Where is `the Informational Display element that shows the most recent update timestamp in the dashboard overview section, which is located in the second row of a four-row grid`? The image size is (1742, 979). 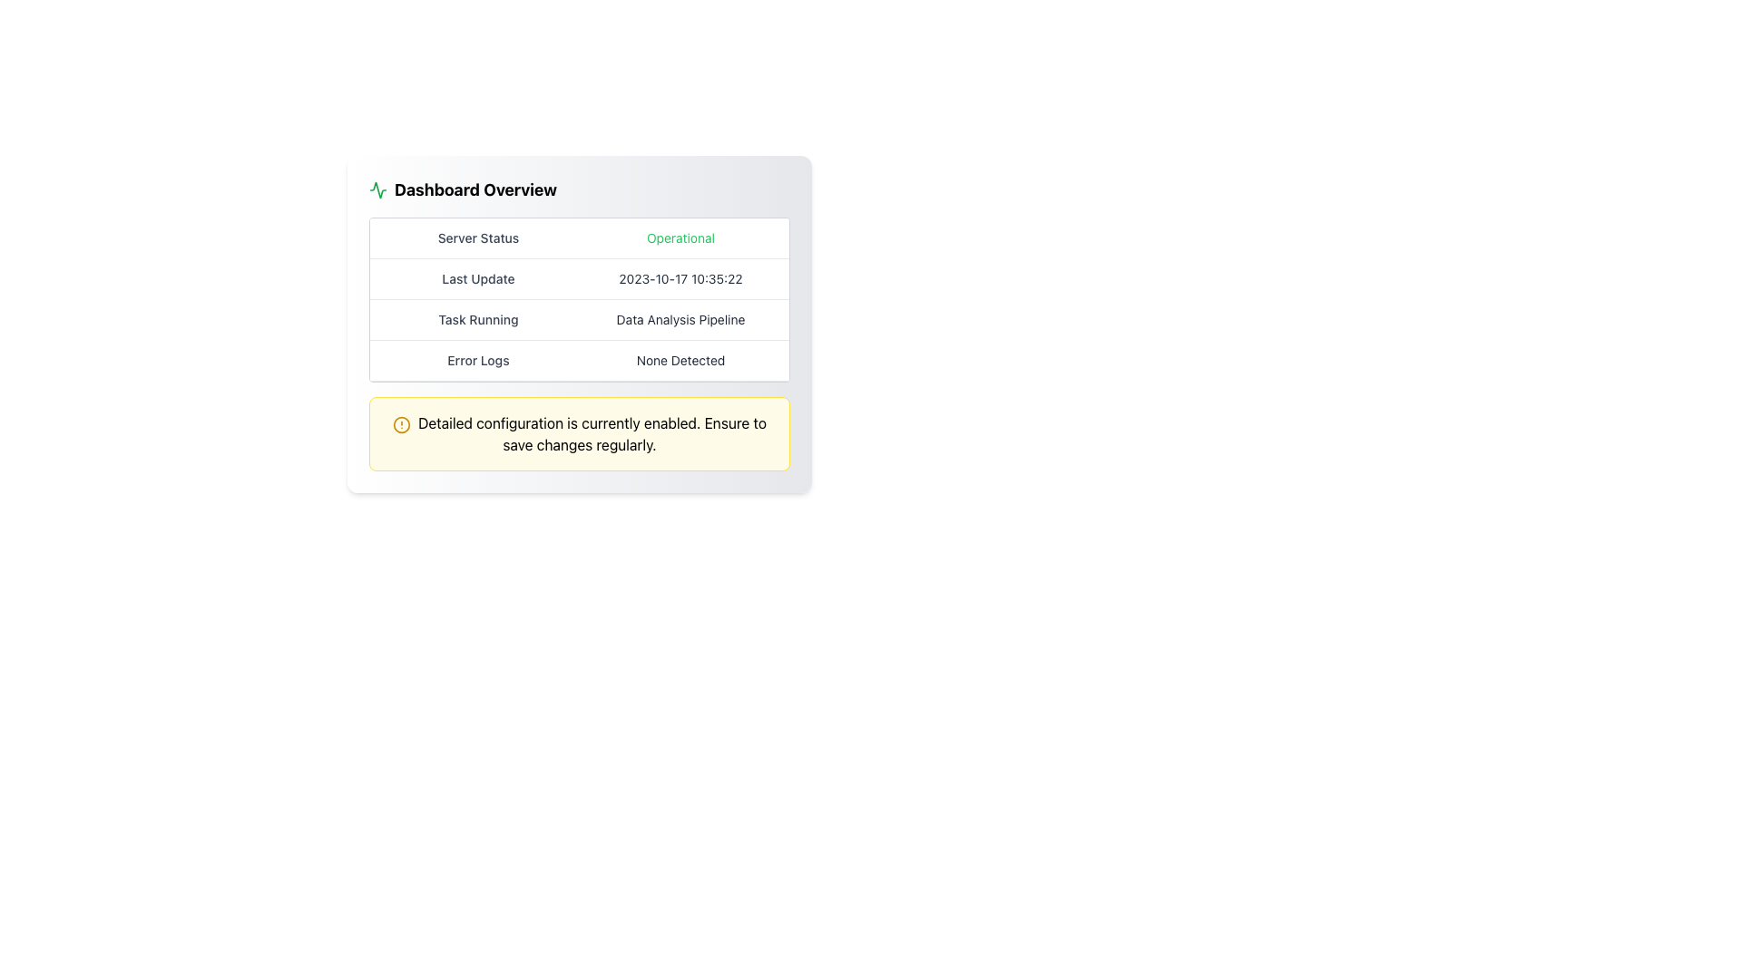
the Informational Display element that shows the most recent update timestamp in the dashboard overview section, which is located in the second row of a four-row grid is located at coordinates (578, 279).